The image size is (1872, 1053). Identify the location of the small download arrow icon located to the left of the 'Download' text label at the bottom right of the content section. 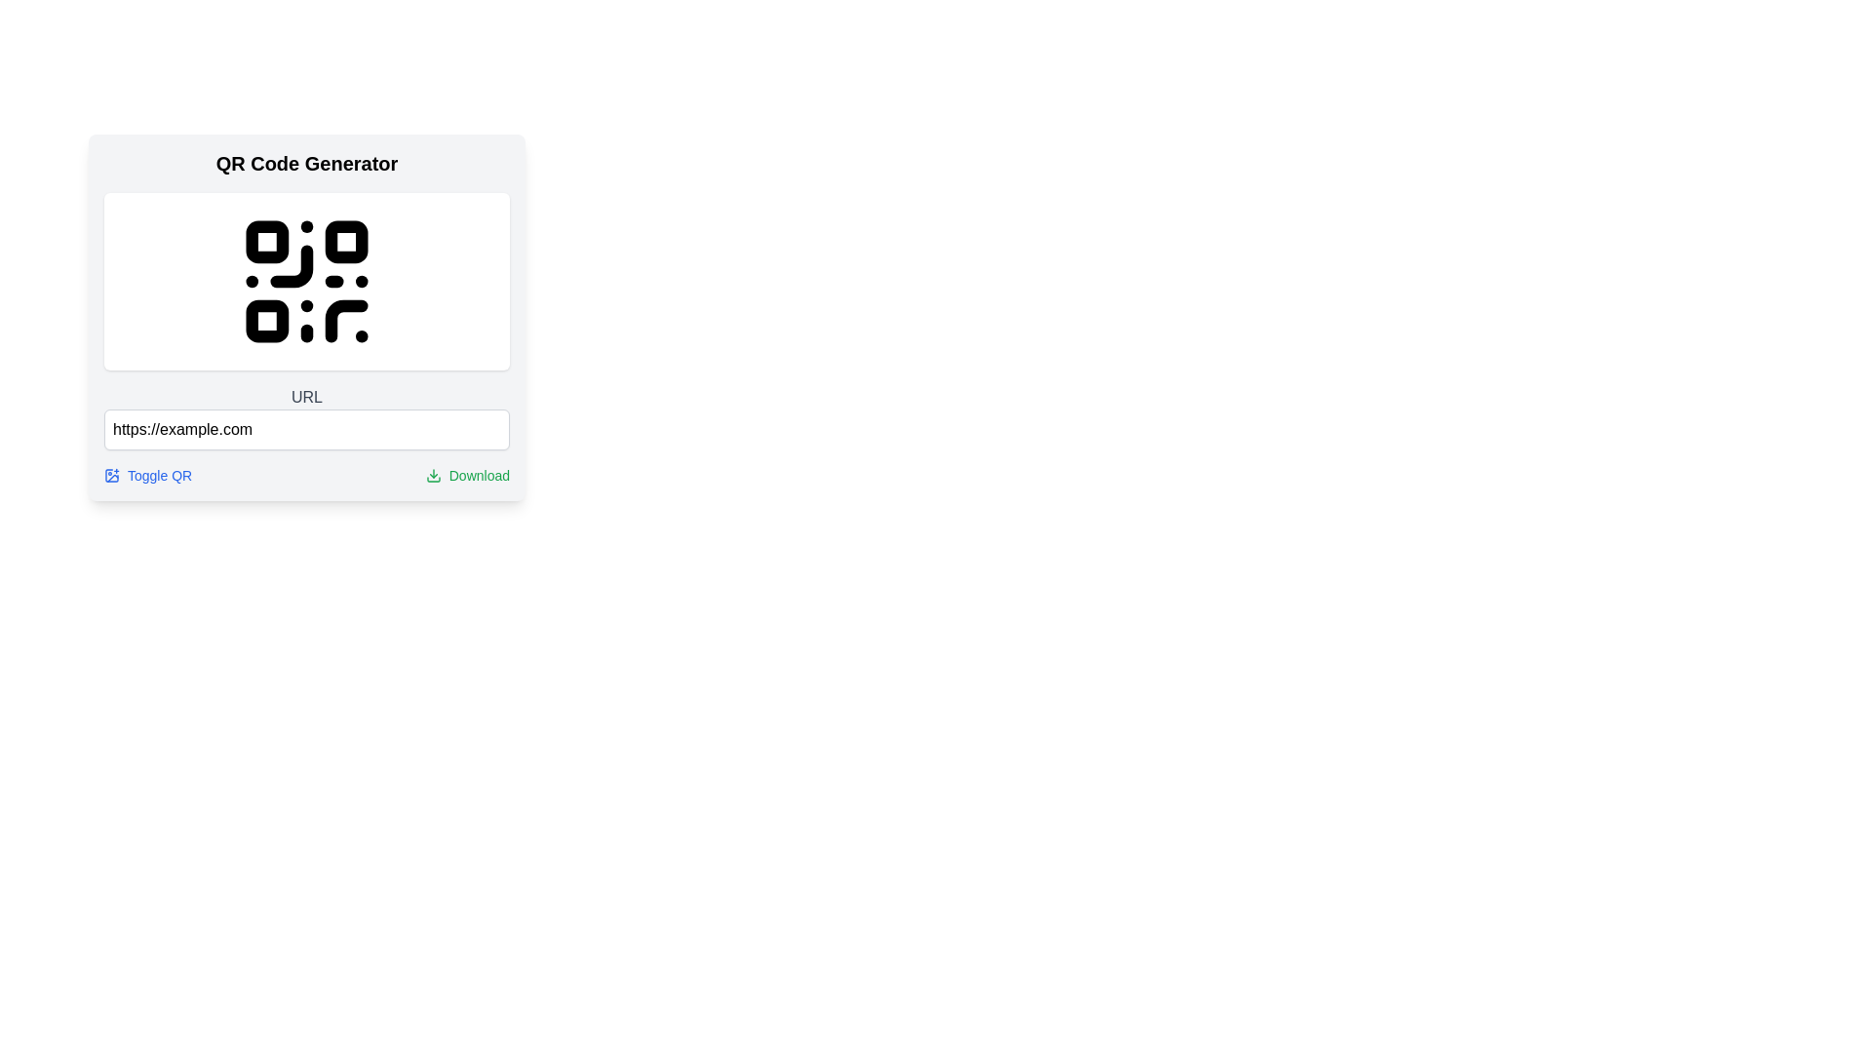
(432, 476).